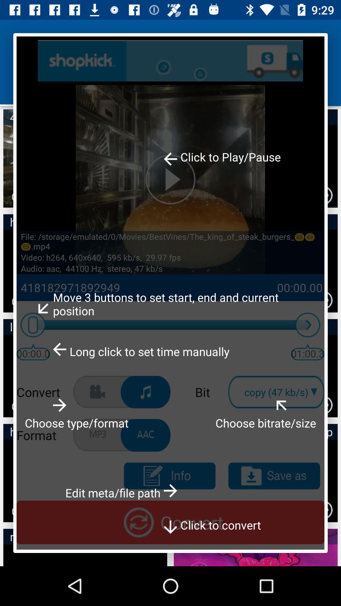 The width and height of the screenshot is (341, 606). Describe the element at coordinates (274, 476) in the screenshot. I see `as` at that location.